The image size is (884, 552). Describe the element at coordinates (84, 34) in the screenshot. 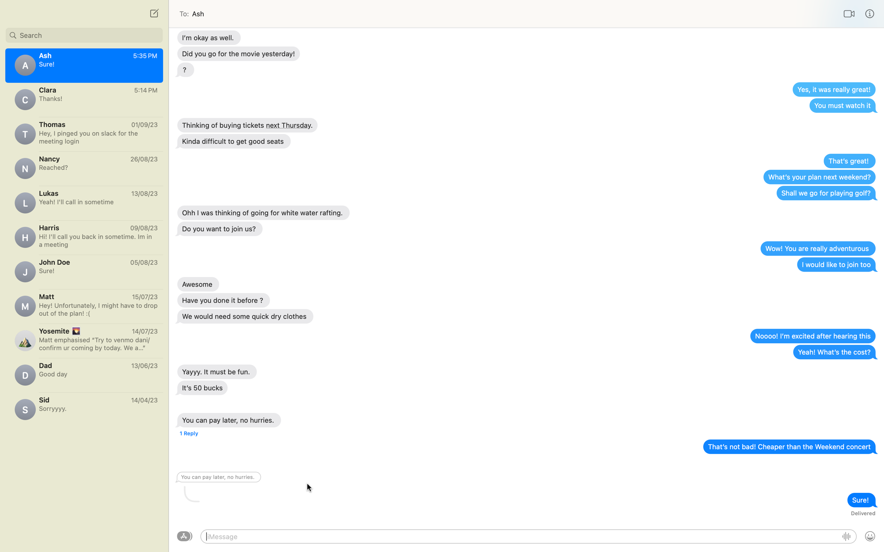

I see `Locate and select contact named John` at that location.